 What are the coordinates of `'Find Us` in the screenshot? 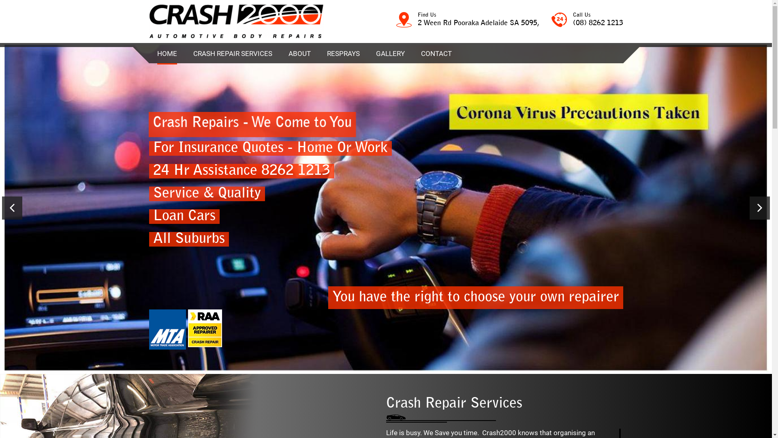 It's located at (468, 20).